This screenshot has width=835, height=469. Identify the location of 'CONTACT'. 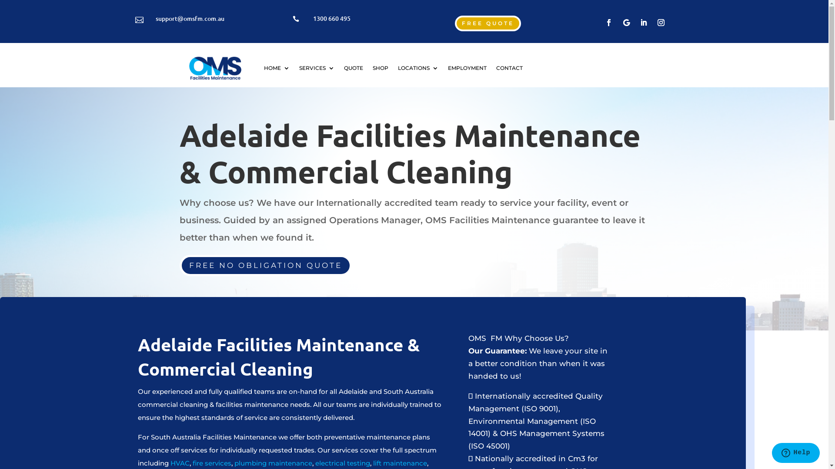
(496, 68).